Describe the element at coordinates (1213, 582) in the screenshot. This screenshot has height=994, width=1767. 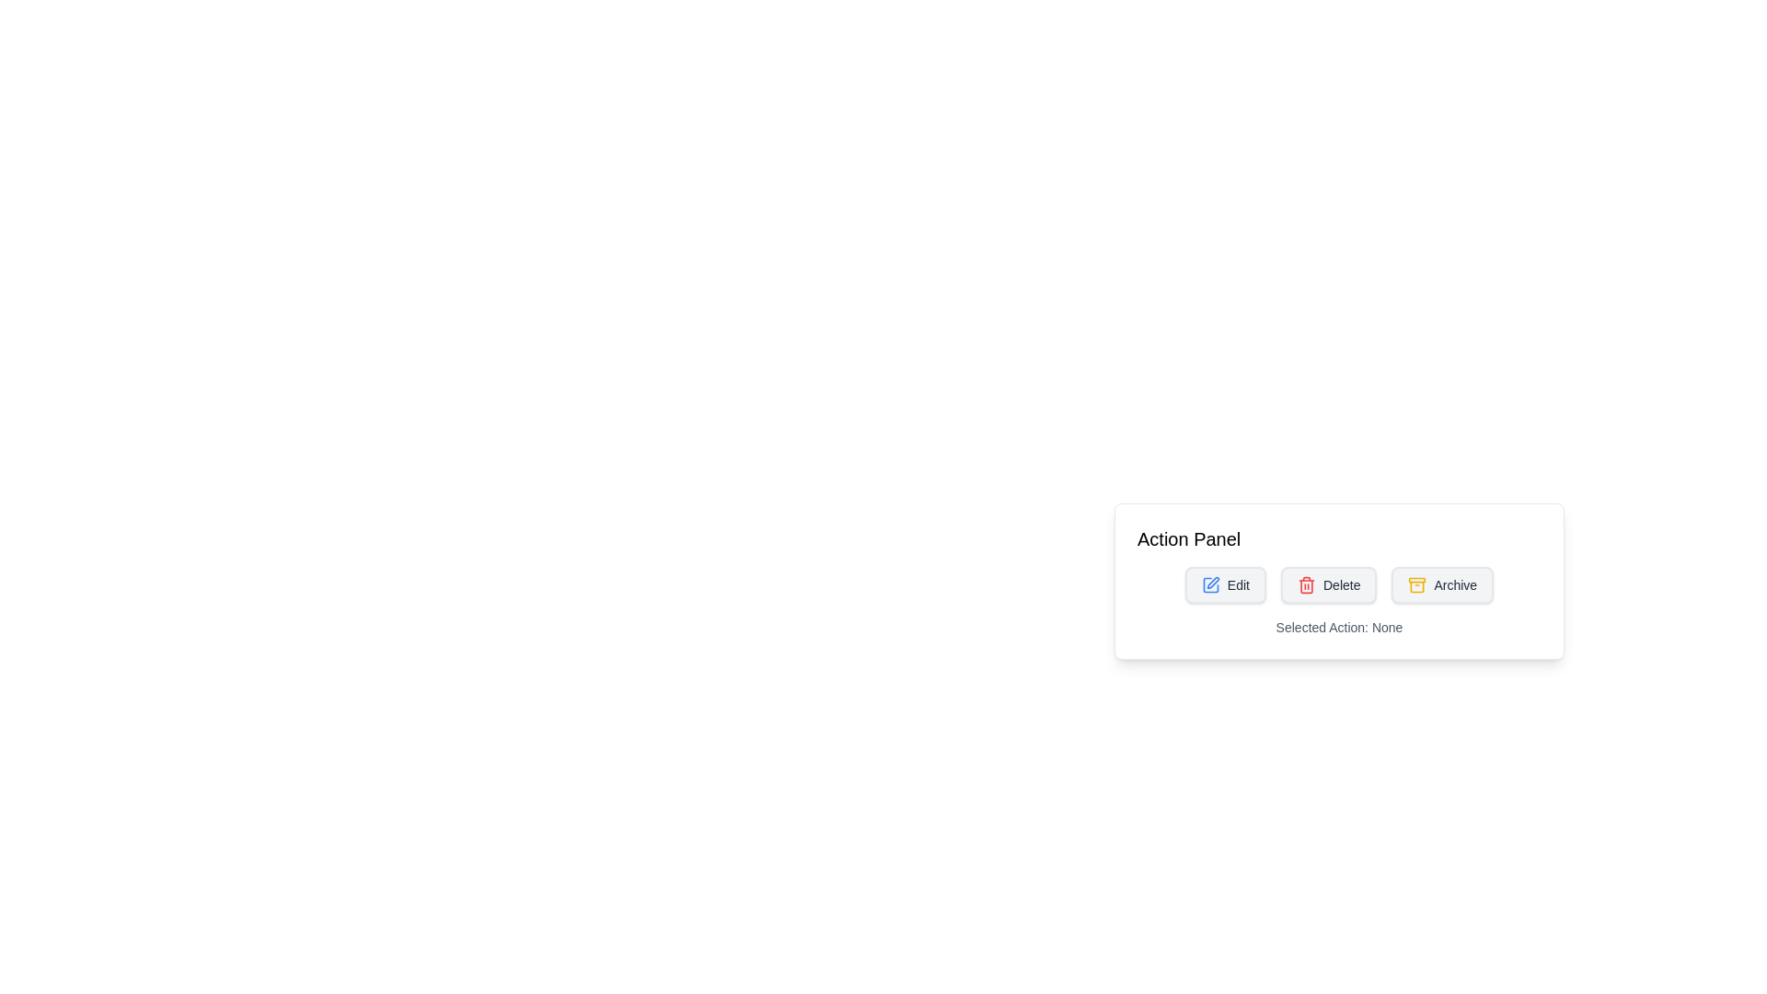
I see `the 'Edit' icon button located under the 'Action Panel'` at that location.